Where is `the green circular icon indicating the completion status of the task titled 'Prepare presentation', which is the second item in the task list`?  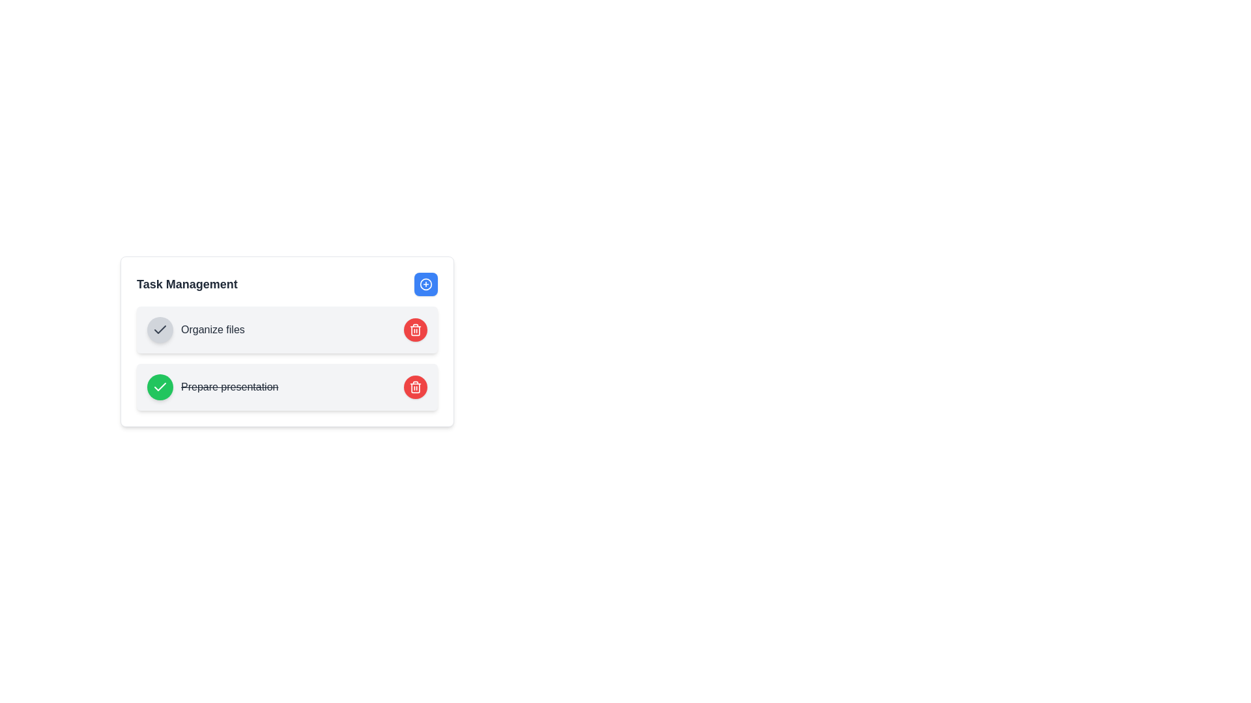
the green circular icon indicating the completion status of the task titled 'Prepare presentation', which is the second item in the task list is located at coordinates (159, 386).